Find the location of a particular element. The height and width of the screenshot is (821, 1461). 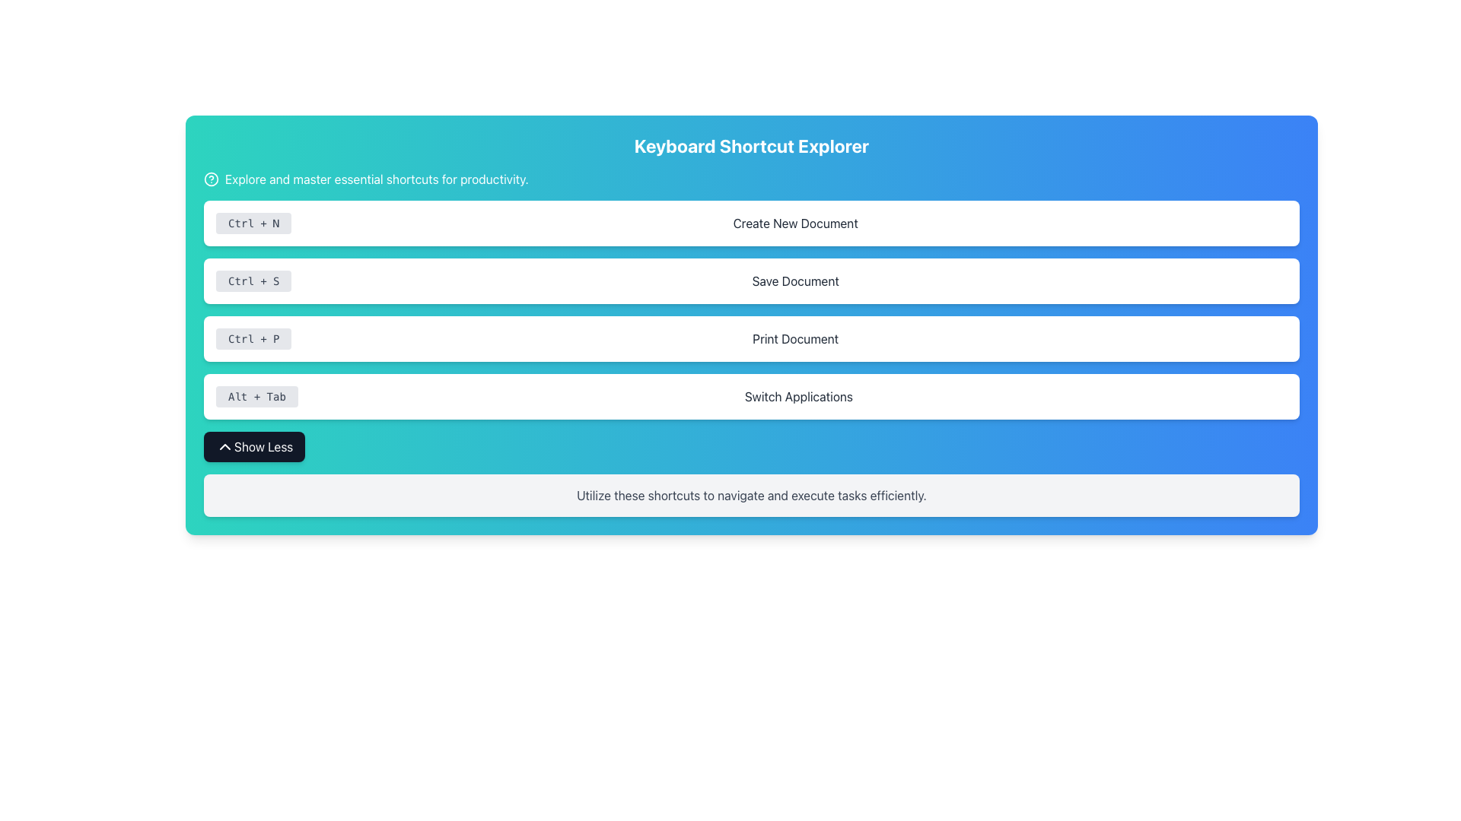

the informational row displaying the keyboard shortcut 'Ctrl + P' and its description 'Print Document' in the list of keyboard shortcuts is located at coordinates (752, 338).